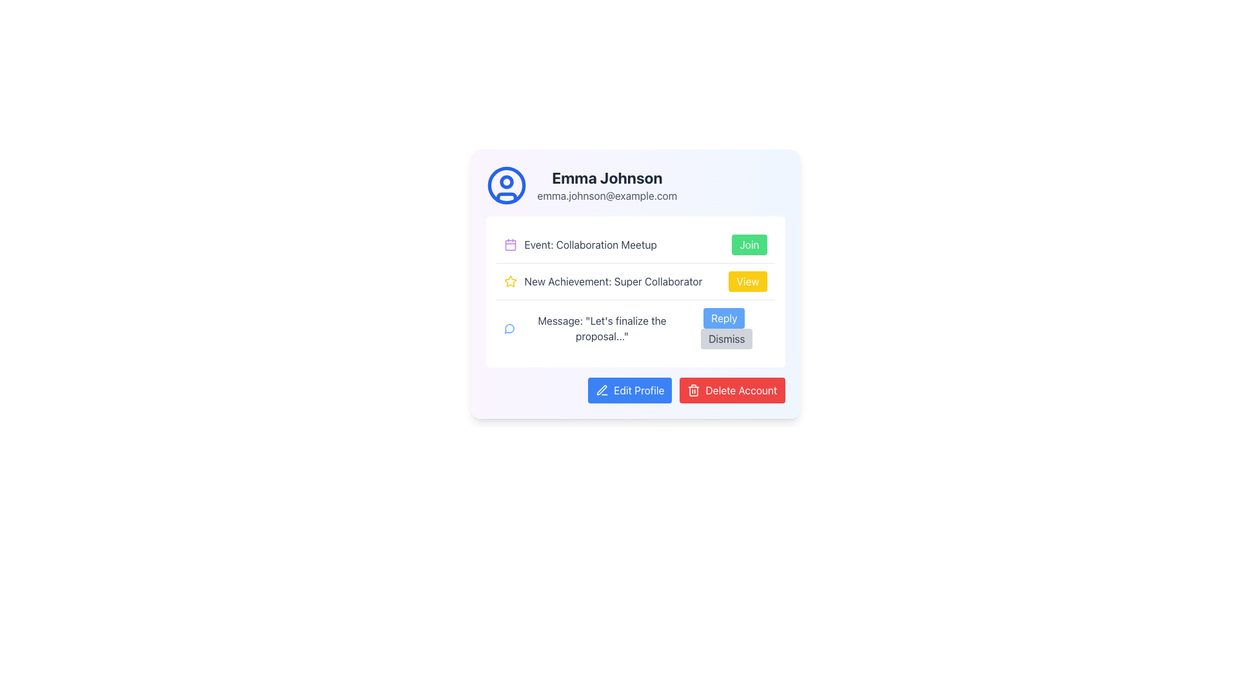  What do you see at coordinates (506, 182) in the screenshot?
I see `the small circular user profile icon located at the top left of the text 'Emma Johnson'` at bounding box center [506, 182].